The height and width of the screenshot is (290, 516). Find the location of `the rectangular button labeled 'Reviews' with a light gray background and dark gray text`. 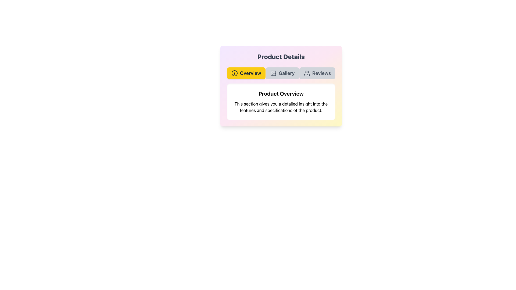

the rectangular button labeled 'Reviews' with a light gray background and dark gray text is located at coordinates (317, 73).